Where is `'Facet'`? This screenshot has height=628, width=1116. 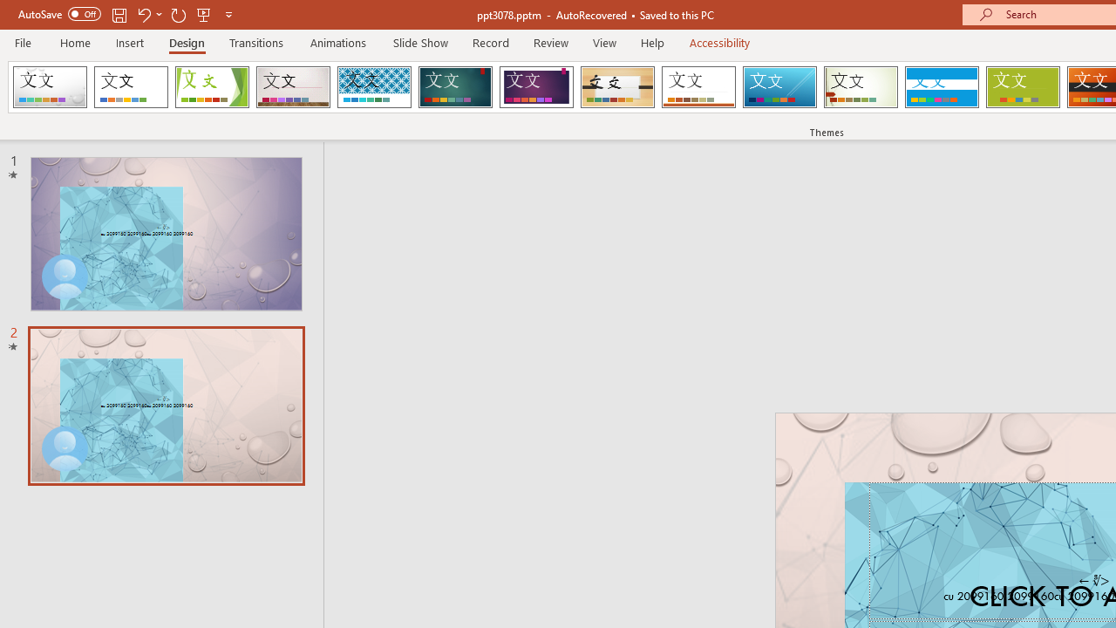
'Facet' is located at coordinates (211, 87).